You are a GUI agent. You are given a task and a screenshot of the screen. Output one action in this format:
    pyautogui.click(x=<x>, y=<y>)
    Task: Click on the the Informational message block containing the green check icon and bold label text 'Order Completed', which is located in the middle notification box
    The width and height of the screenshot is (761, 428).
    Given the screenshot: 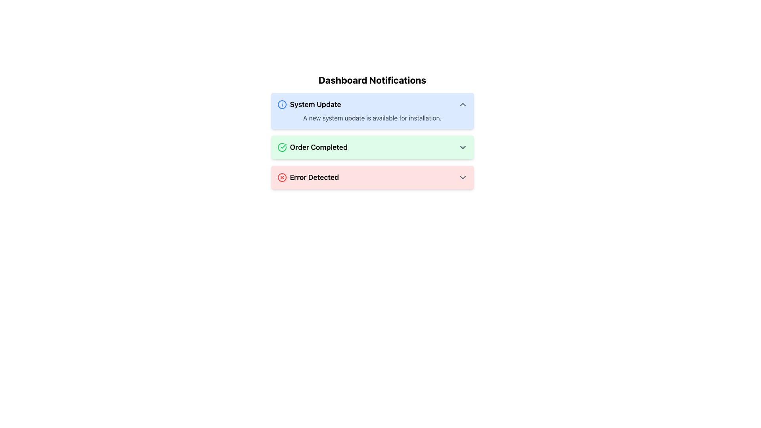 What is the action you would take?
    pyautogui.click(x=312, y=147)
    